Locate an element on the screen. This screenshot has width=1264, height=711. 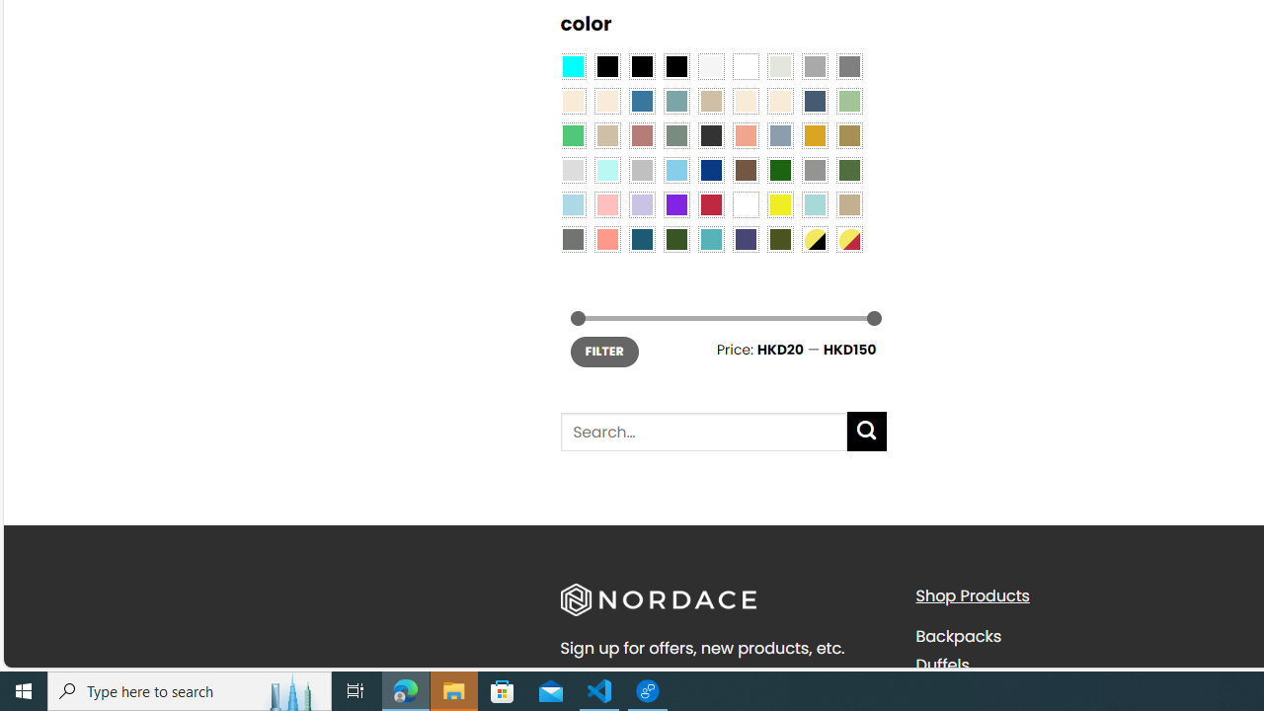
'Yellow-Black' is located at coordinates (814, 239).